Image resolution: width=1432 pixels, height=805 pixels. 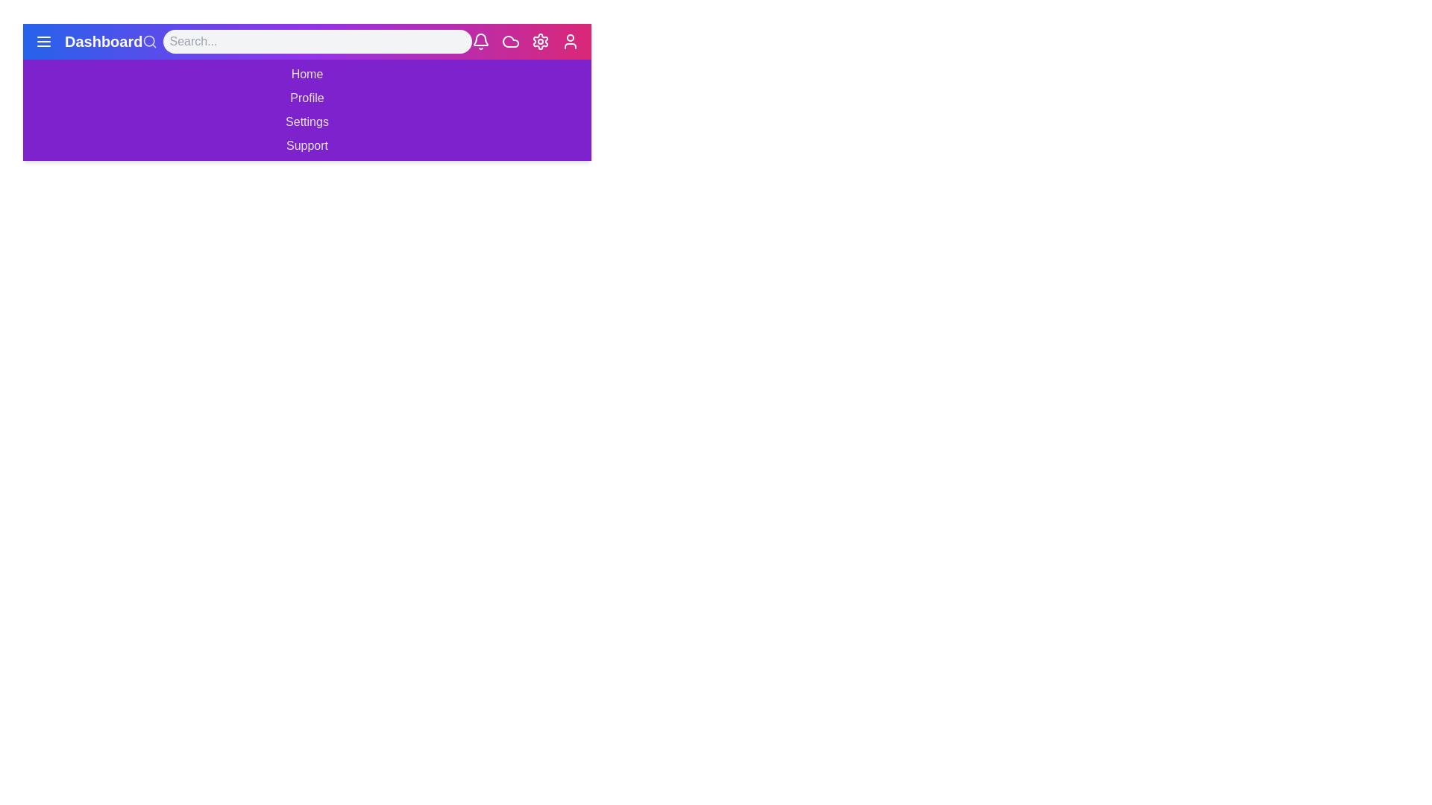 What do you see at coordinates (43, 41) in the screenshot?
I see `the menu icon to toggle the navigation menu visibility` at bounding box center [43, 41].